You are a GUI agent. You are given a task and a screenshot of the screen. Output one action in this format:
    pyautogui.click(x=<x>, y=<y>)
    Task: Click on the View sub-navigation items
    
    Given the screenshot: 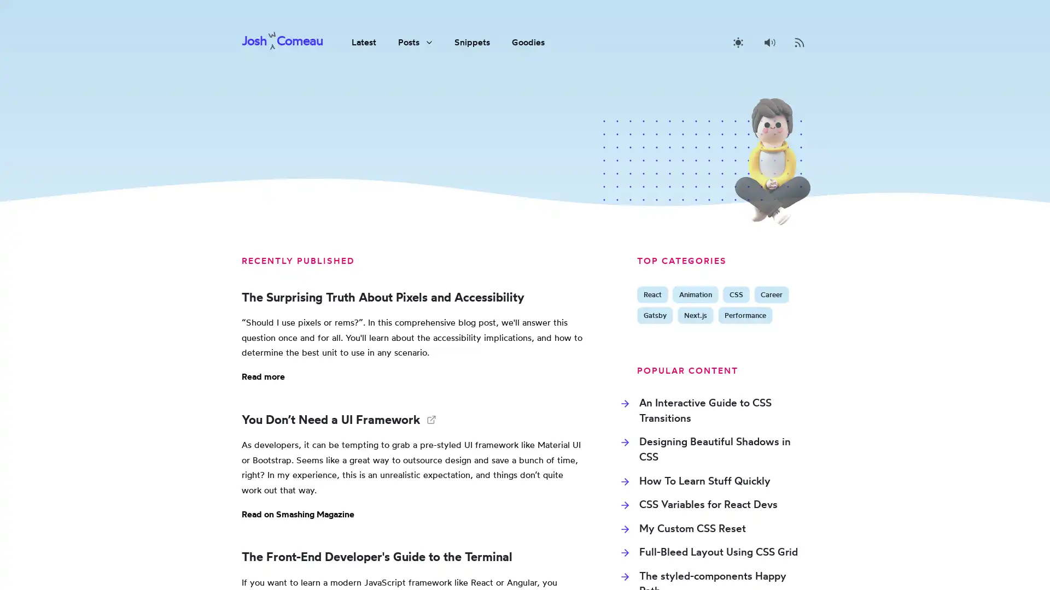 What is the action you would take?
    pyautogui.click(x=429, y=42)
    